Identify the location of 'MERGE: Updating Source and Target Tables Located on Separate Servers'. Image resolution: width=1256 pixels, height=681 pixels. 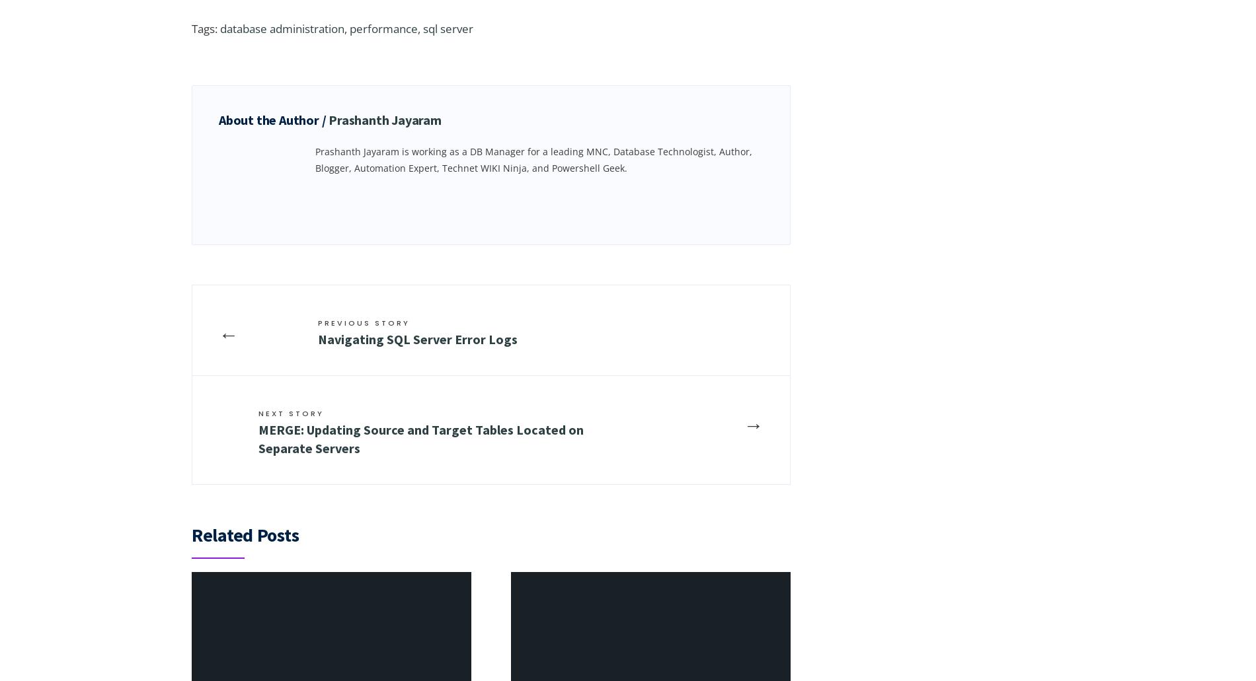
(421, 438).